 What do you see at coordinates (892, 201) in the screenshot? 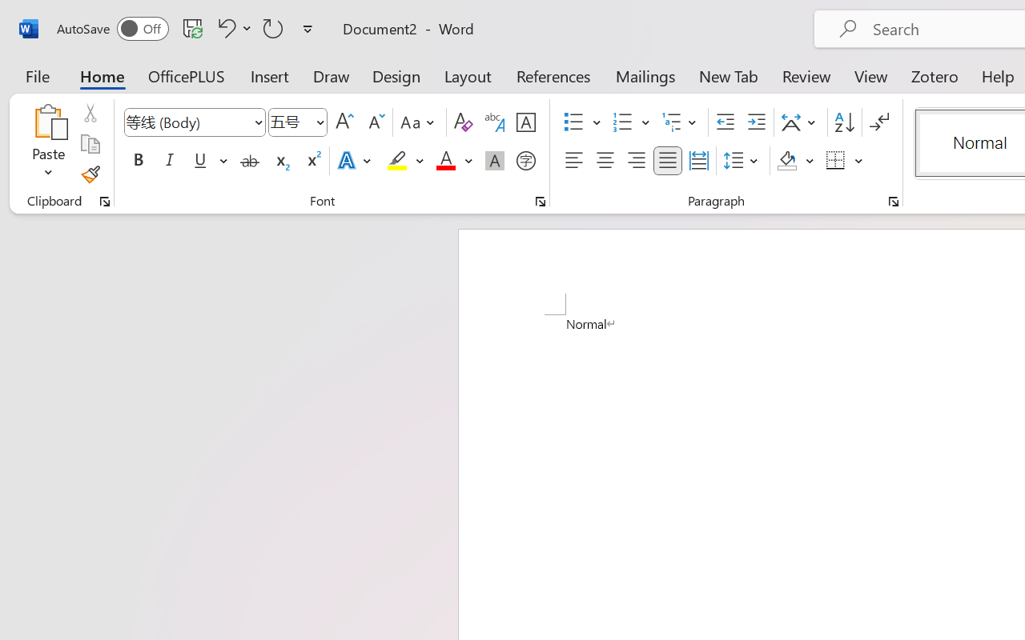
I see `'Paragraph...'` at bounding box center [892, 201].